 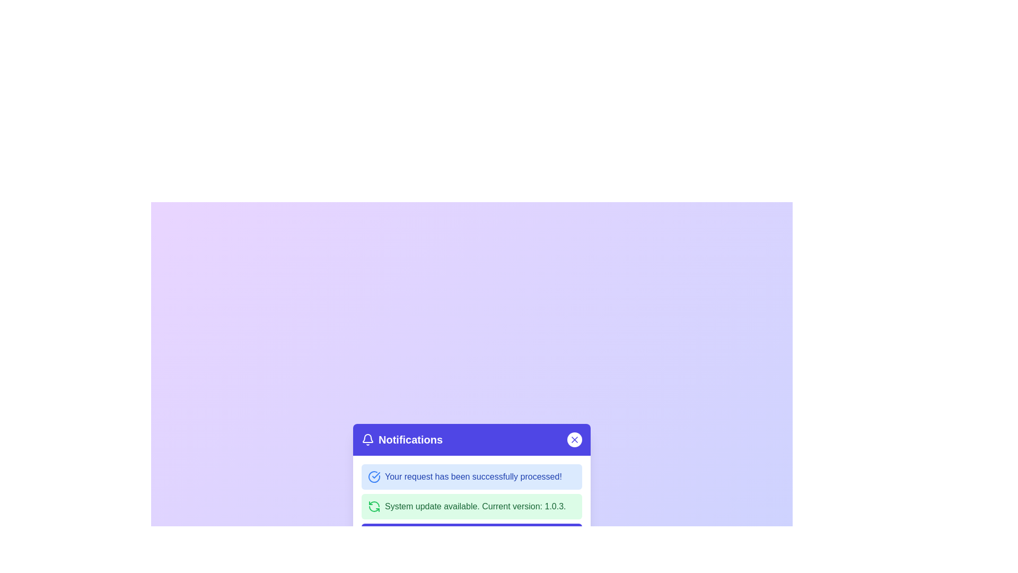 I want to click on the close icon button located at the top-right inside the notification modal, so click(x=574, y=440).